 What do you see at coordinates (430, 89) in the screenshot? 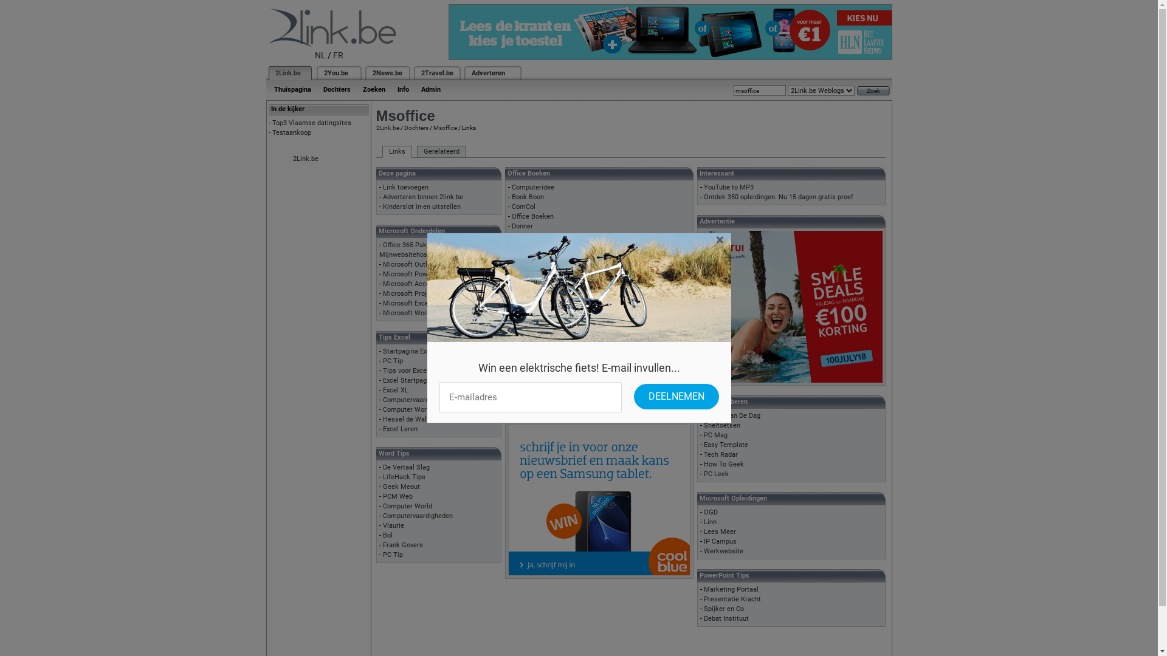
I see `'Admin'` at bounding box center [430, 89].